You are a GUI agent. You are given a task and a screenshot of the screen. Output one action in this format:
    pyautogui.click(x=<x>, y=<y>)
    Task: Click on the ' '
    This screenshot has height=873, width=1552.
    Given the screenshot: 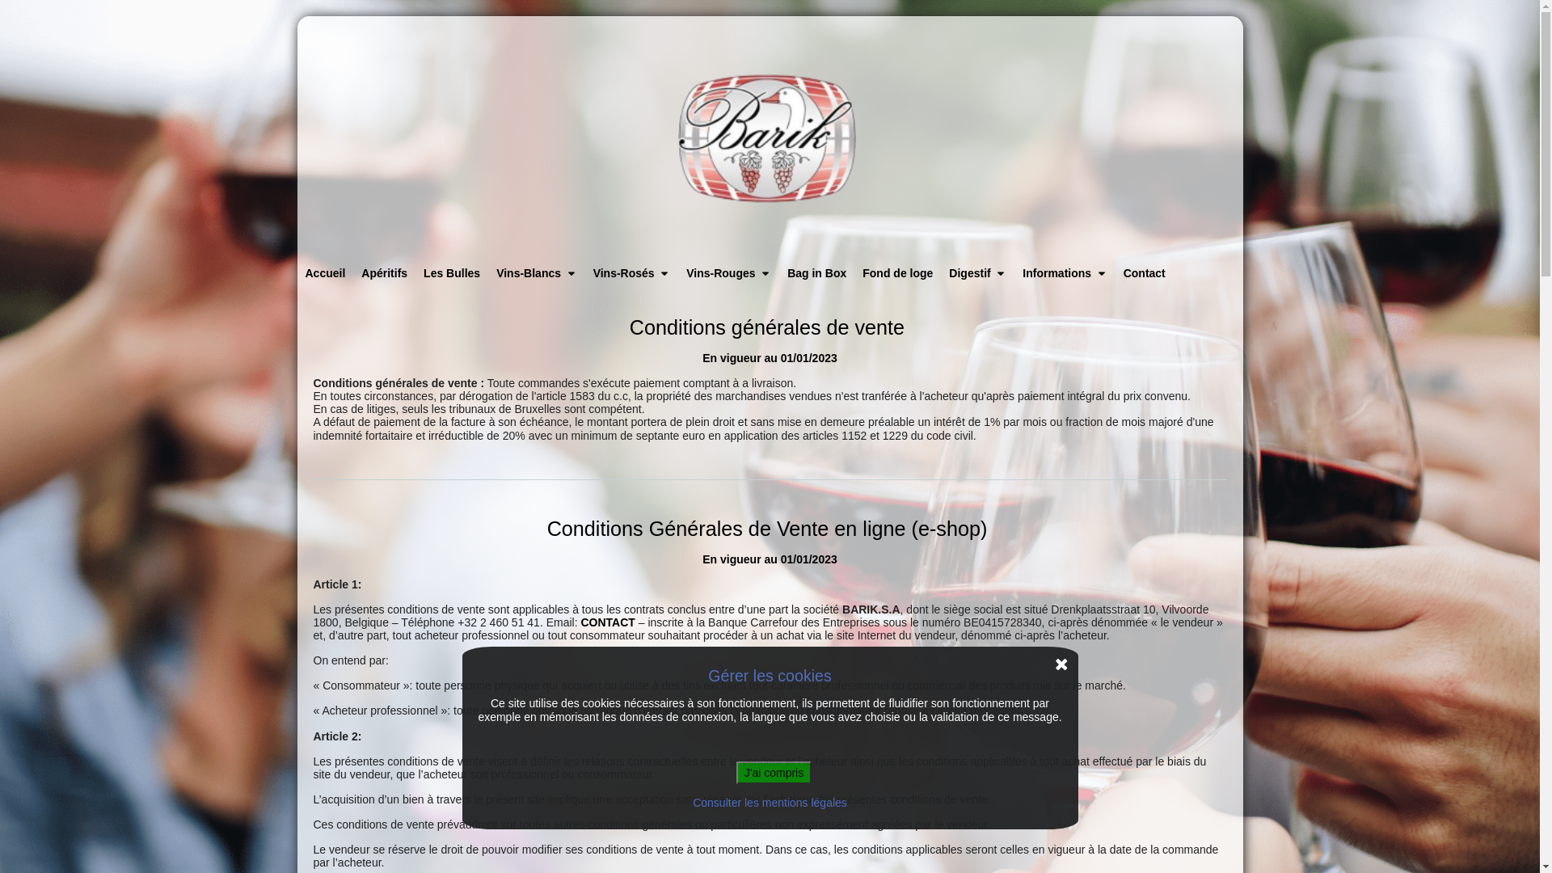 What is the action you would take?
    pyautogui.click(x=770, y=136)
    